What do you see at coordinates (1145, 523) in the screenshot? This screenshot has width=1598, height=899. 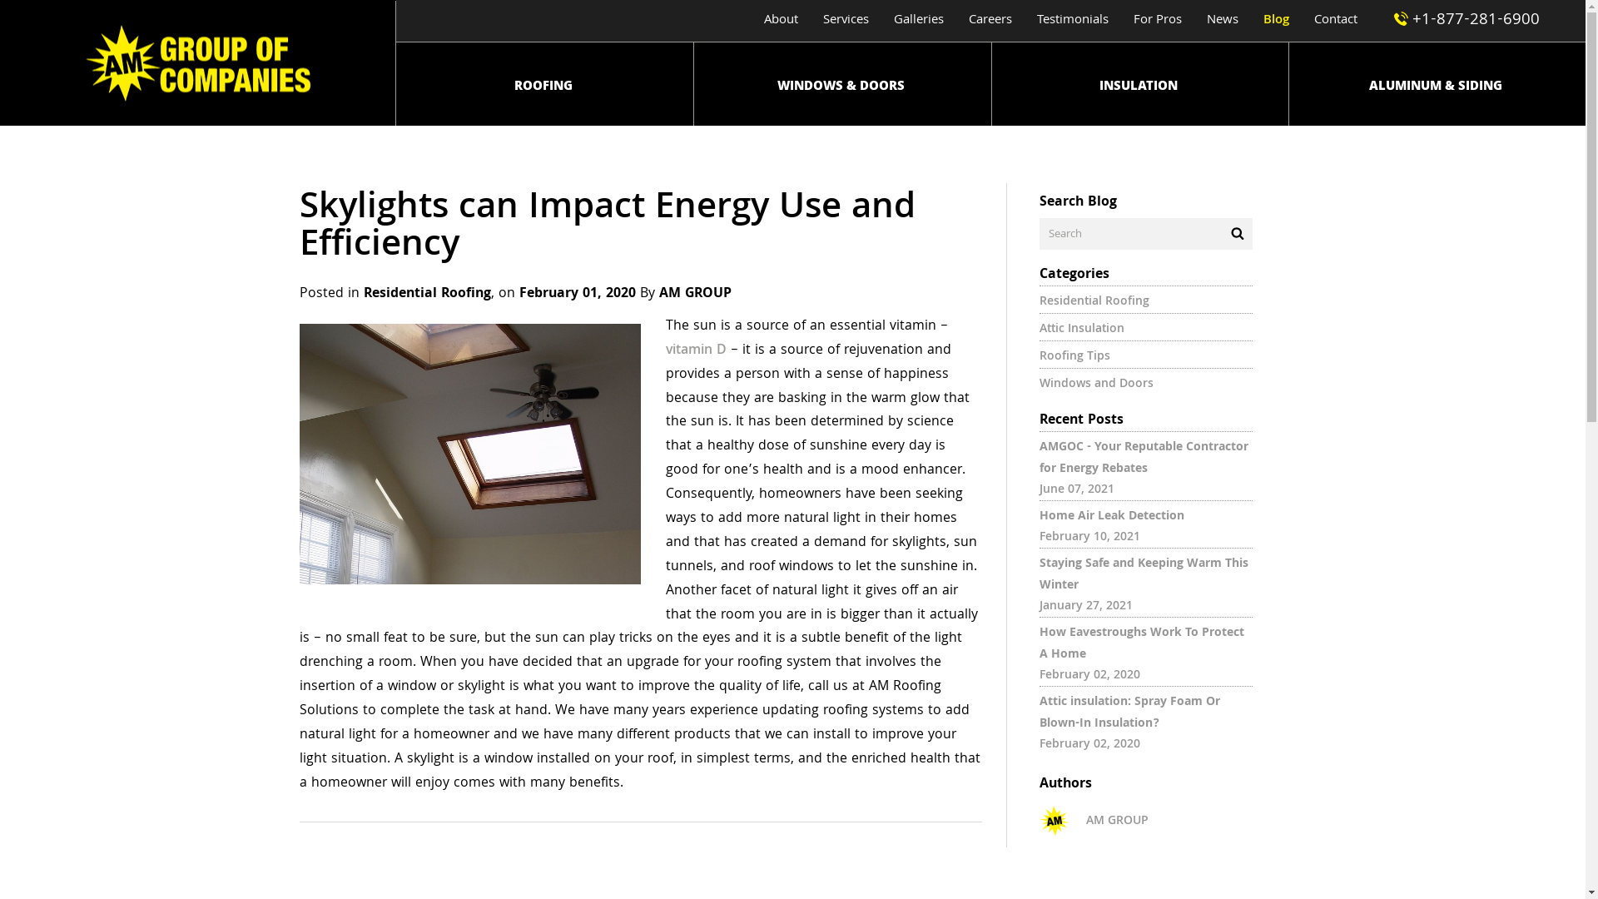 I see `'Home Air Leak Detection` at bounding box center [1145, 523].